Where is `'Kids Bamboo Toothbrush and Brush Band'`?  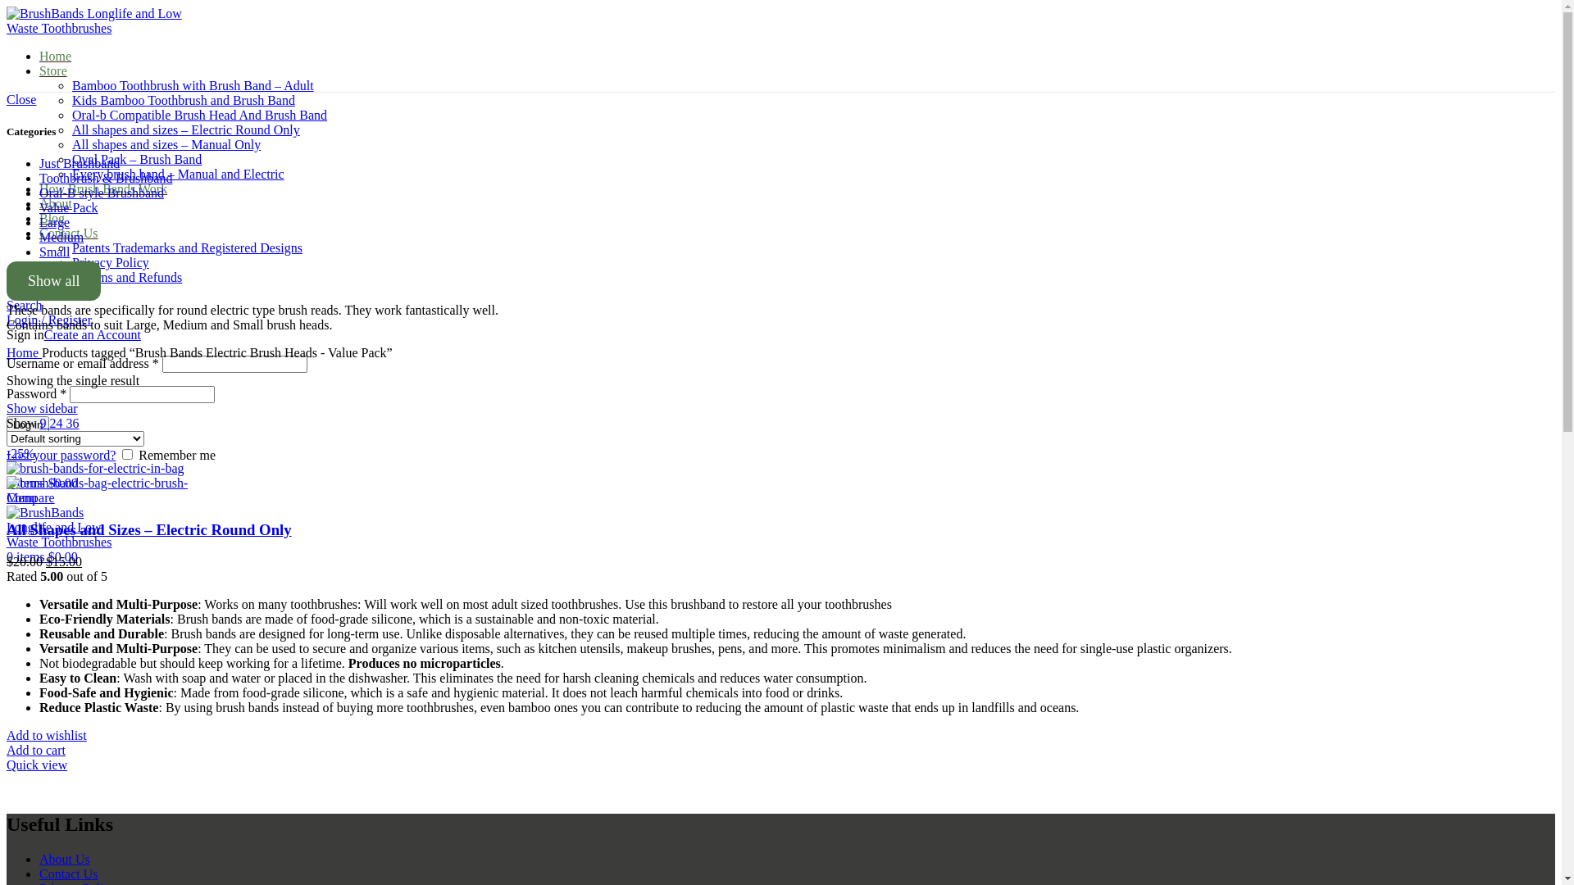
'Kids Bamboo Toothbrush and Brush Band' is located at coordinates (71, 100).